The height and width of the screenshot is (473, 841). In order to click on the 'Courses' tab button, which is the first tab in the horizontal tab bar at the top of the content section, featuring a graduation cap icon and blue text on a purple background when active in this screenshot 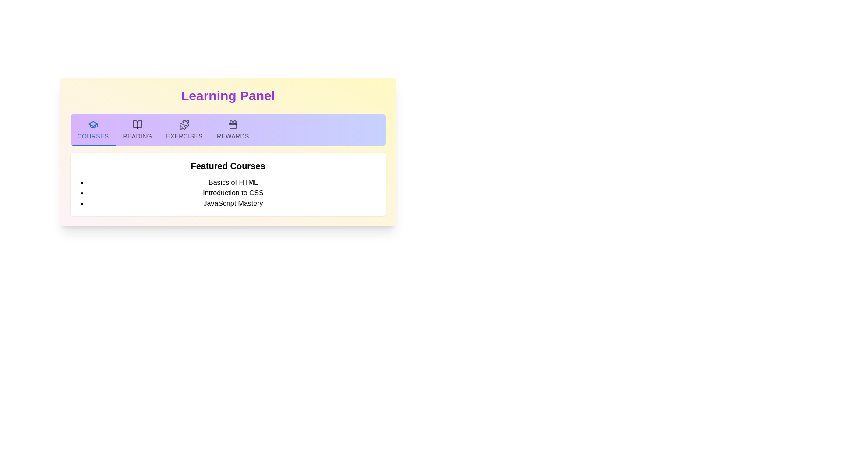, I will do `click(93, 130)`.